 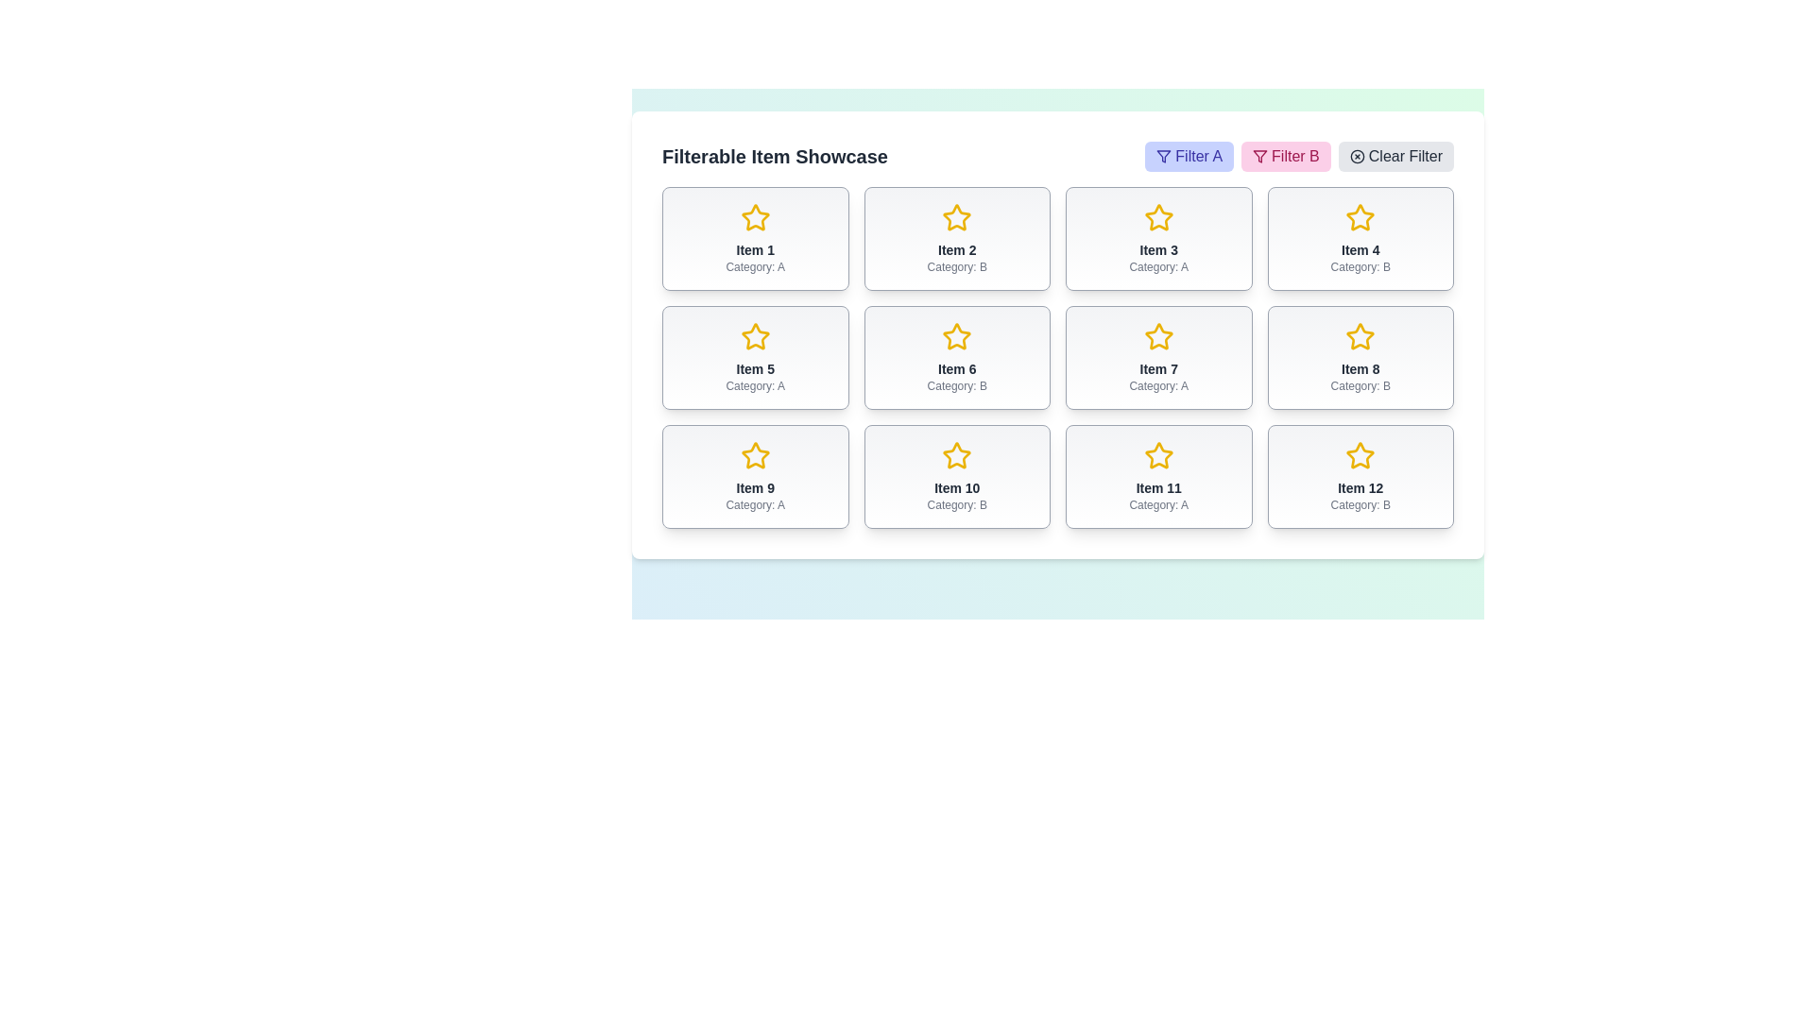 What do you see at coordinates (1157, 335) in the screenshot?
I see `the outlined yellow star icon in the 'Filterable Item Showcase' to rate it` at bounding box center [1157, 335].